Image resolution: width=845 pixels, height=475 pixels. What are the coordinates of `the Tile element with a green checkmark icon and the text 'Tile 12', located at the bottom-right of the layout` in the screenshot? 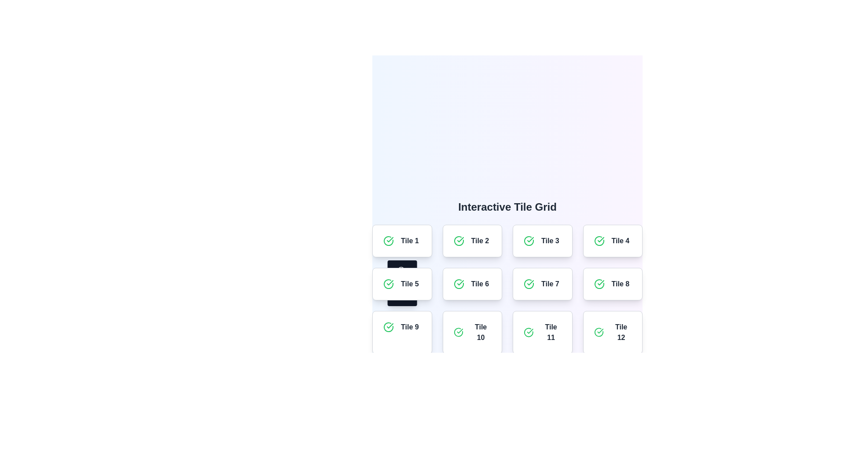 It's located at (612, 332).